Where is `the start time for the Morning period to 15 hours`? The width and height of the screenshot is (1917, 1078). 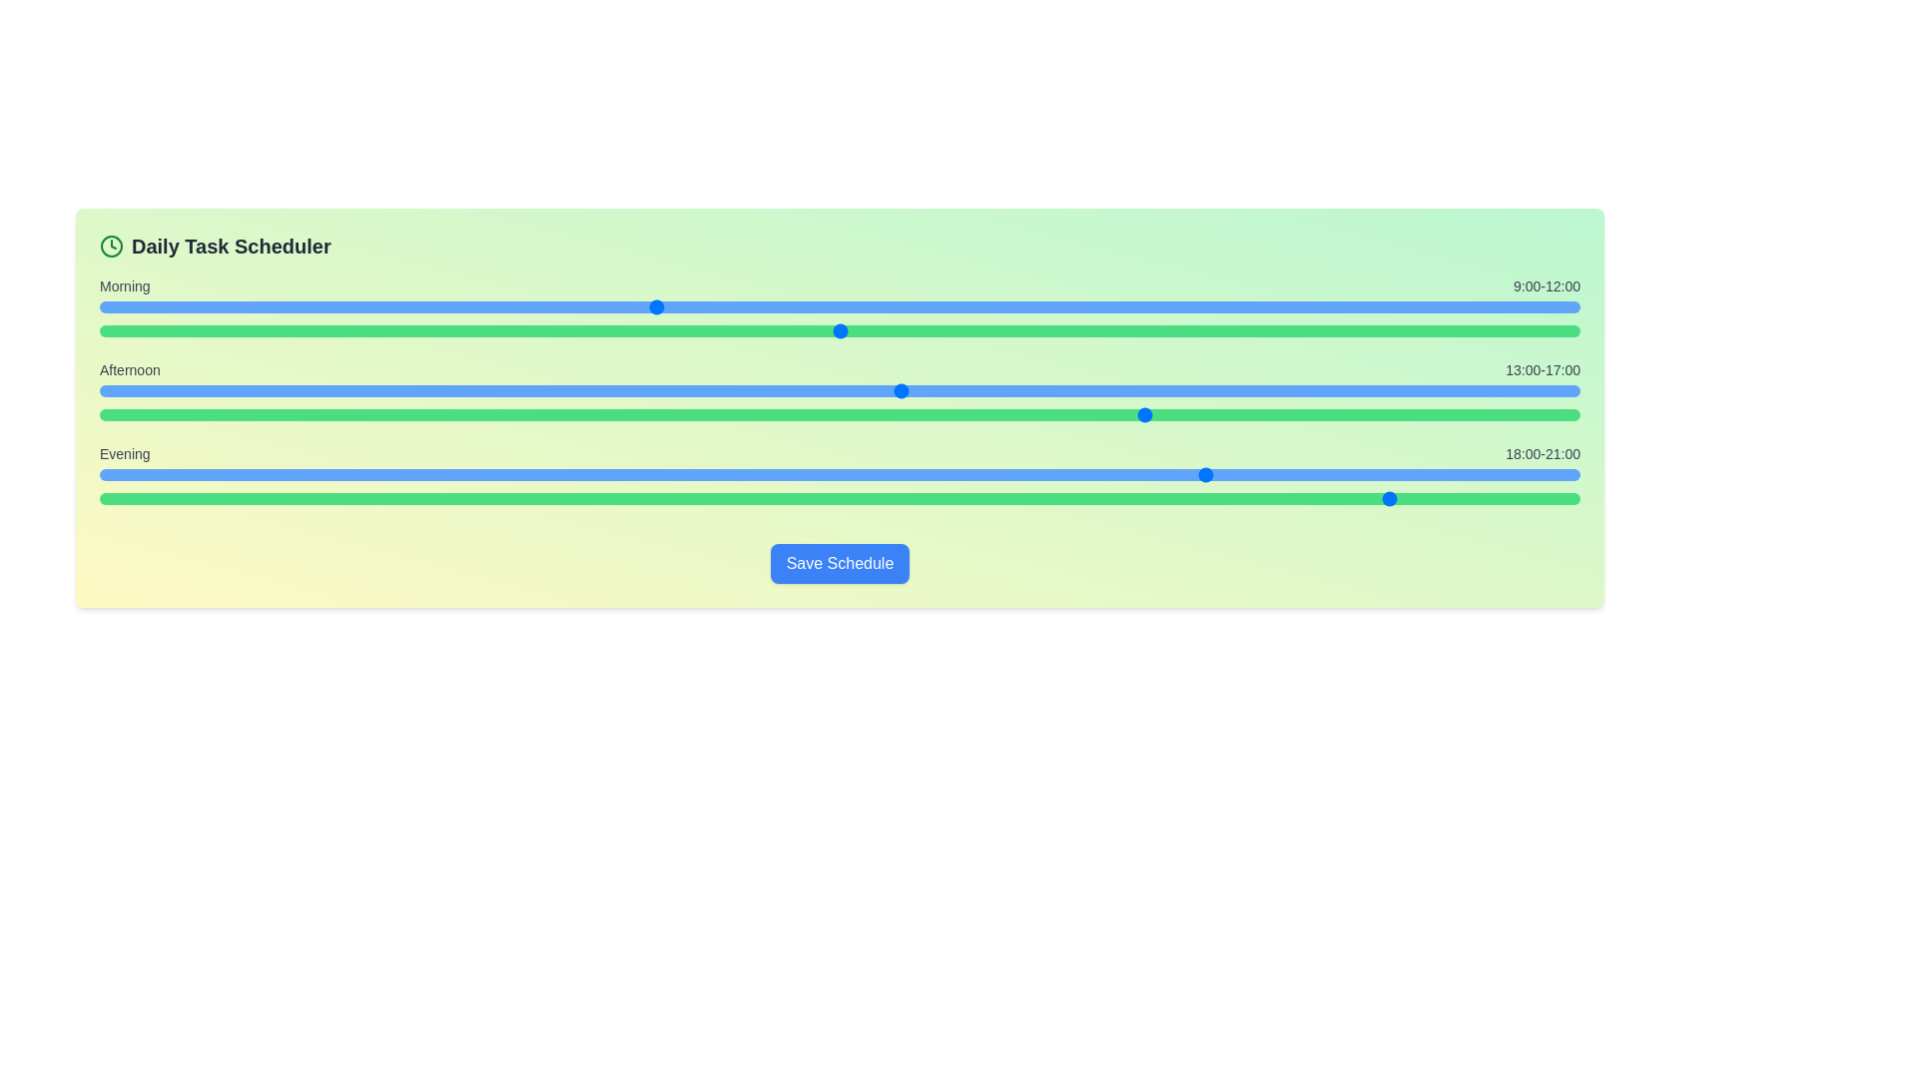 the start time for the Morning period to 15 hours is located at coordinates (1024, 307).